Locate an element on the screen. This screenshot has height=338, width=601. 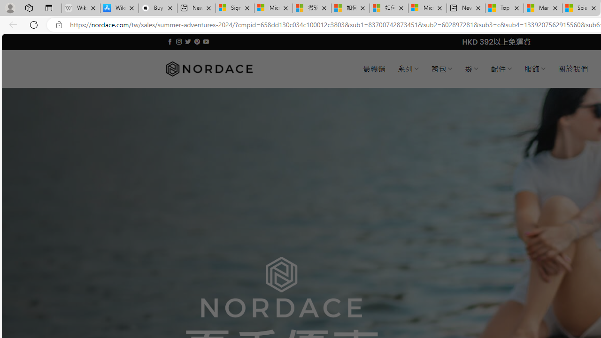
'Sign in to your Microsoft account' is located at coordinates (235, 8).